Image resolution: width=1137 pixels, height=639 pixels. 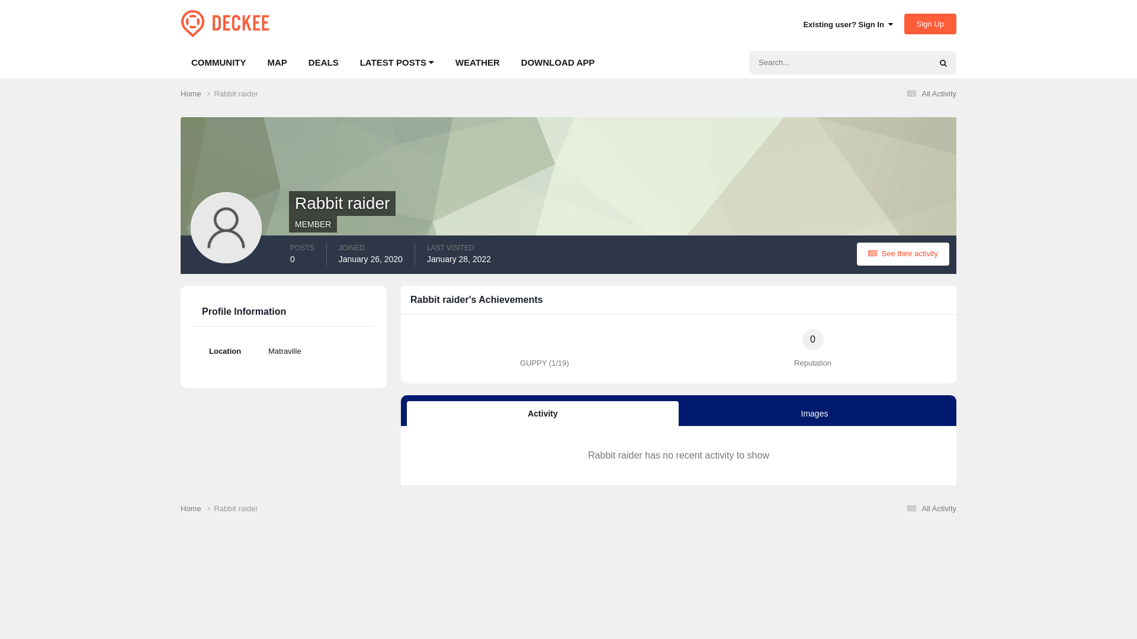 What do you see at coordinates (929, 23) in the screenshot?
I see `'Sign Up'` at bounding box center [929, 23].